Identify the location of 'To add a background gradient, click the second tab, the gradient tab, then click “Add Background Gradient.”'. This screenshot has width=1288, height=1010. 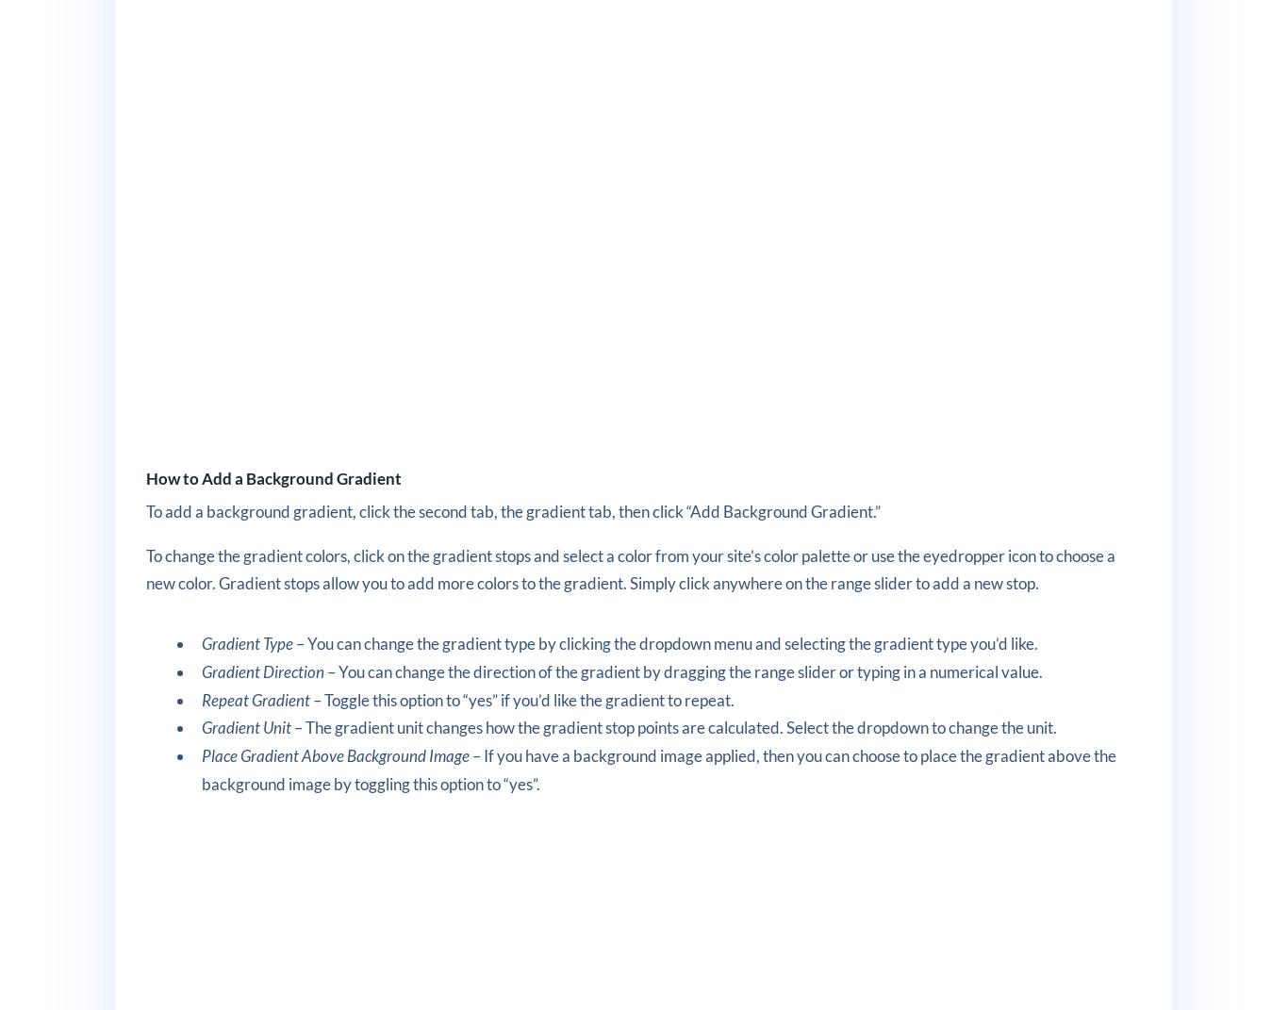
(512, 510).